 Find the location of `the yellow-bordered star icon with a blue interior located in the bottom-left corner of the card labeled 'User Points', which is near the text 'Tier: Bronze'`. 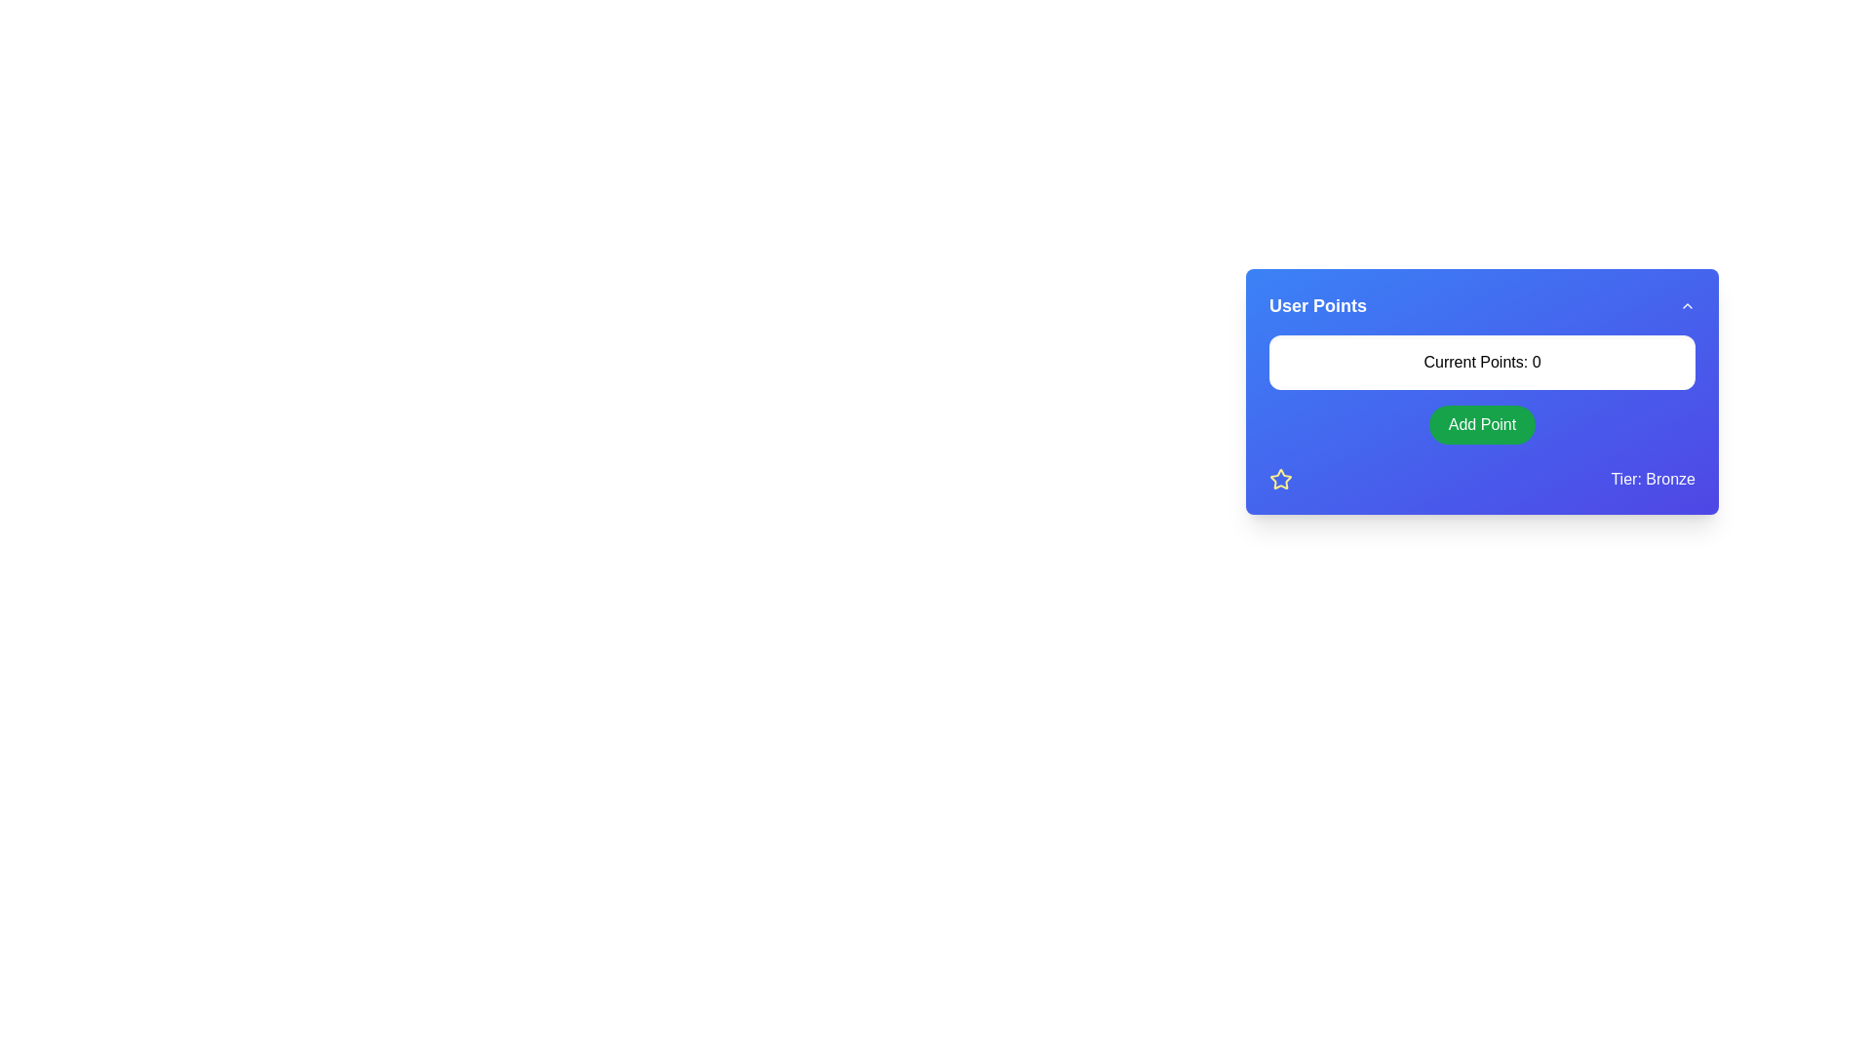

the yellow-bordered star icon with a blue interior located in the bottom-left corner of the card labeled 'User Points', which is near the text 'Tier: Bronze' is located at coordinates (1281, 480).